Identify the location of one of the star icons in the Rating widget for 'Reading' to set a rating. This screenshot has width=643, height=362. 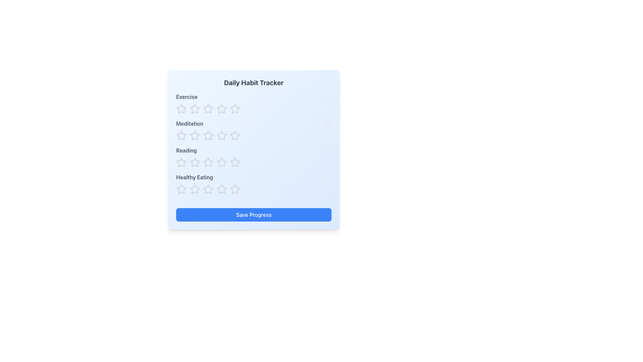
(254, 163).